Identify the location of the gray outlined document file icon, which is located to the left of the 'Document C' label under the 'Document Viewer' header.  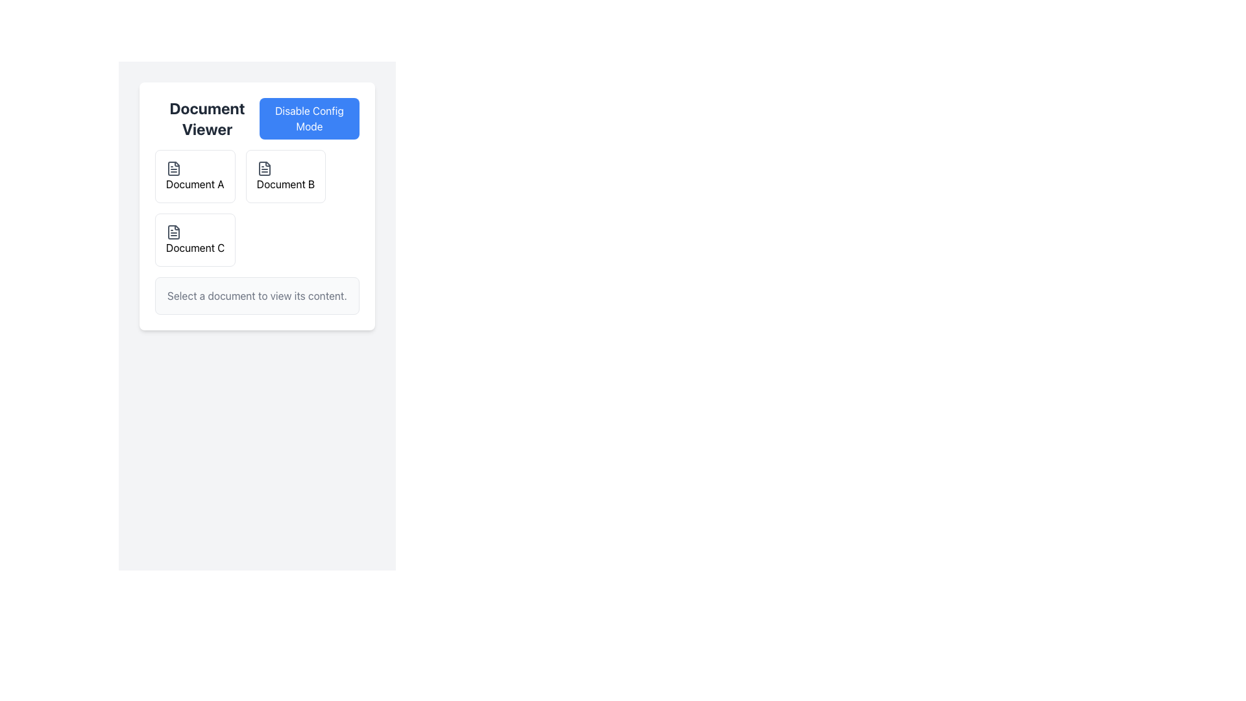
(173, 232).